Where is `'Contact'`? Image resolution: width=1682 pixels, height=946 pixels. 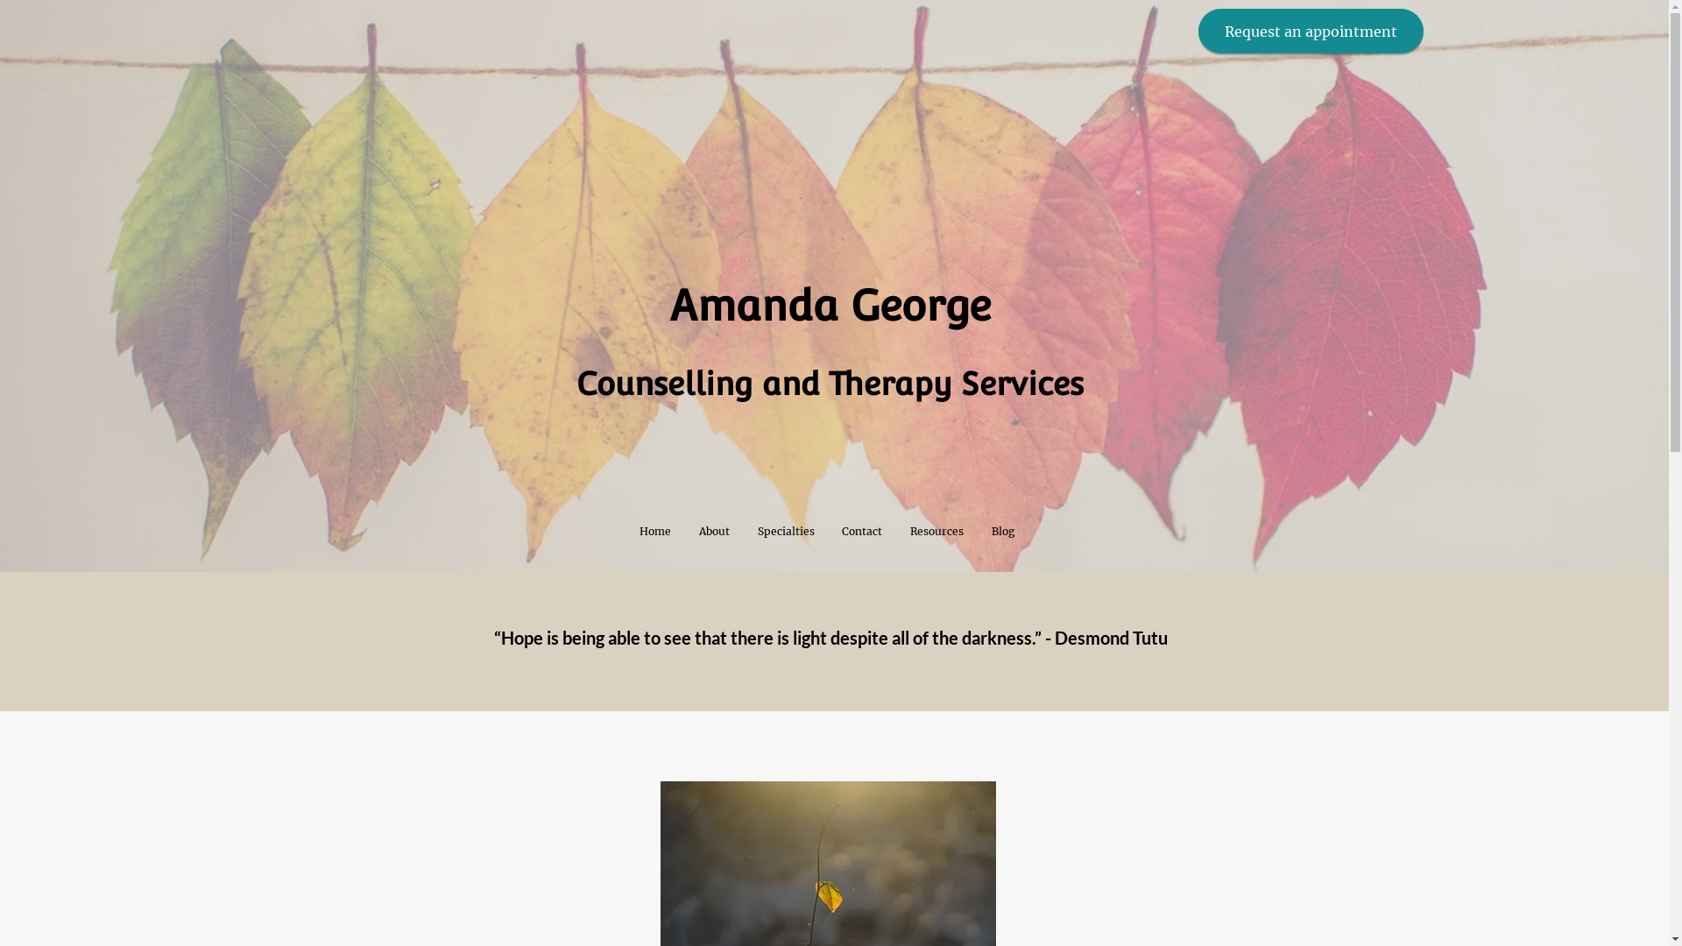 'Contact' is located at coordinates (862, 530).